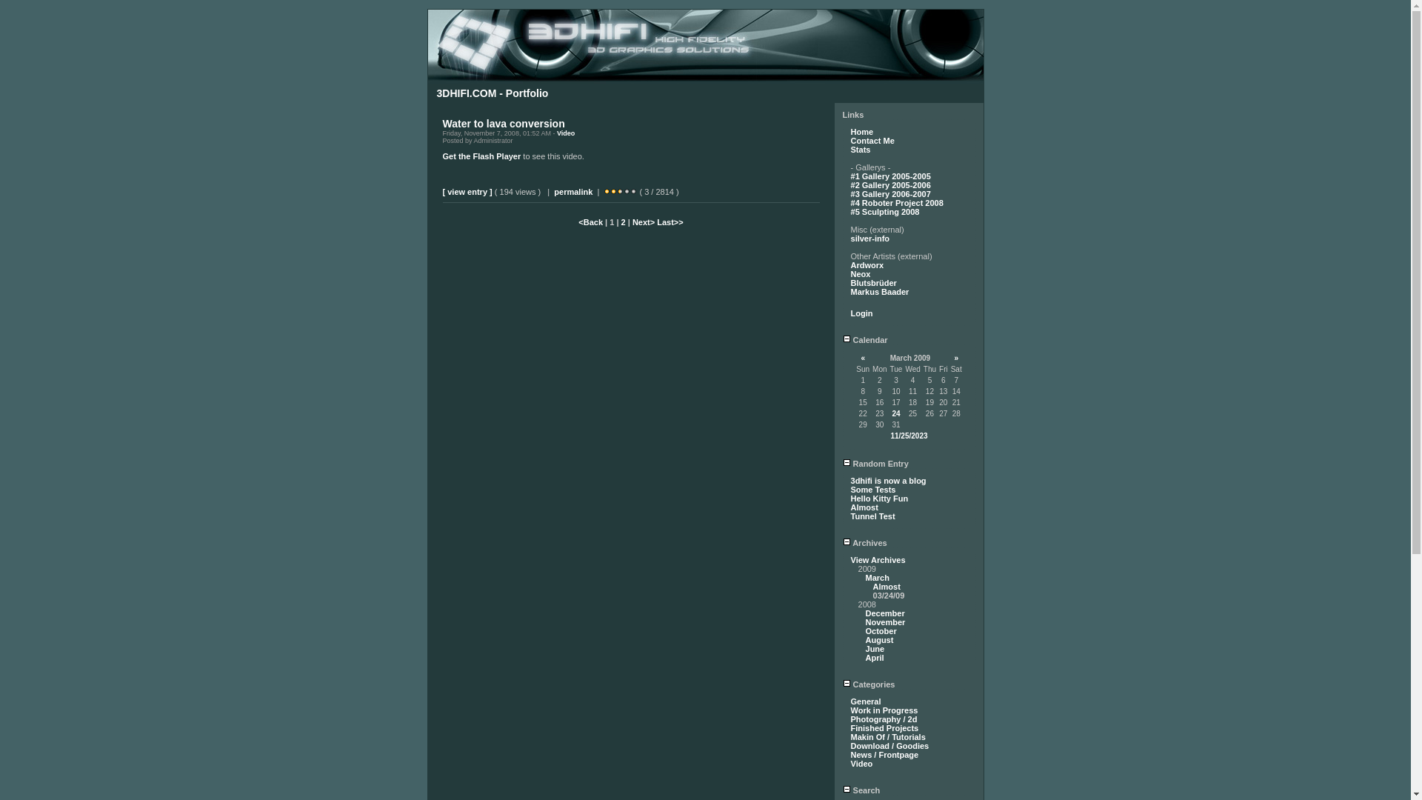 The height and width of the screenshot is (800, 1422). What do you see at coordinates (908, 435) in the screenshot?
I see `'11/25/2023'` at bounding box center [908, 435].